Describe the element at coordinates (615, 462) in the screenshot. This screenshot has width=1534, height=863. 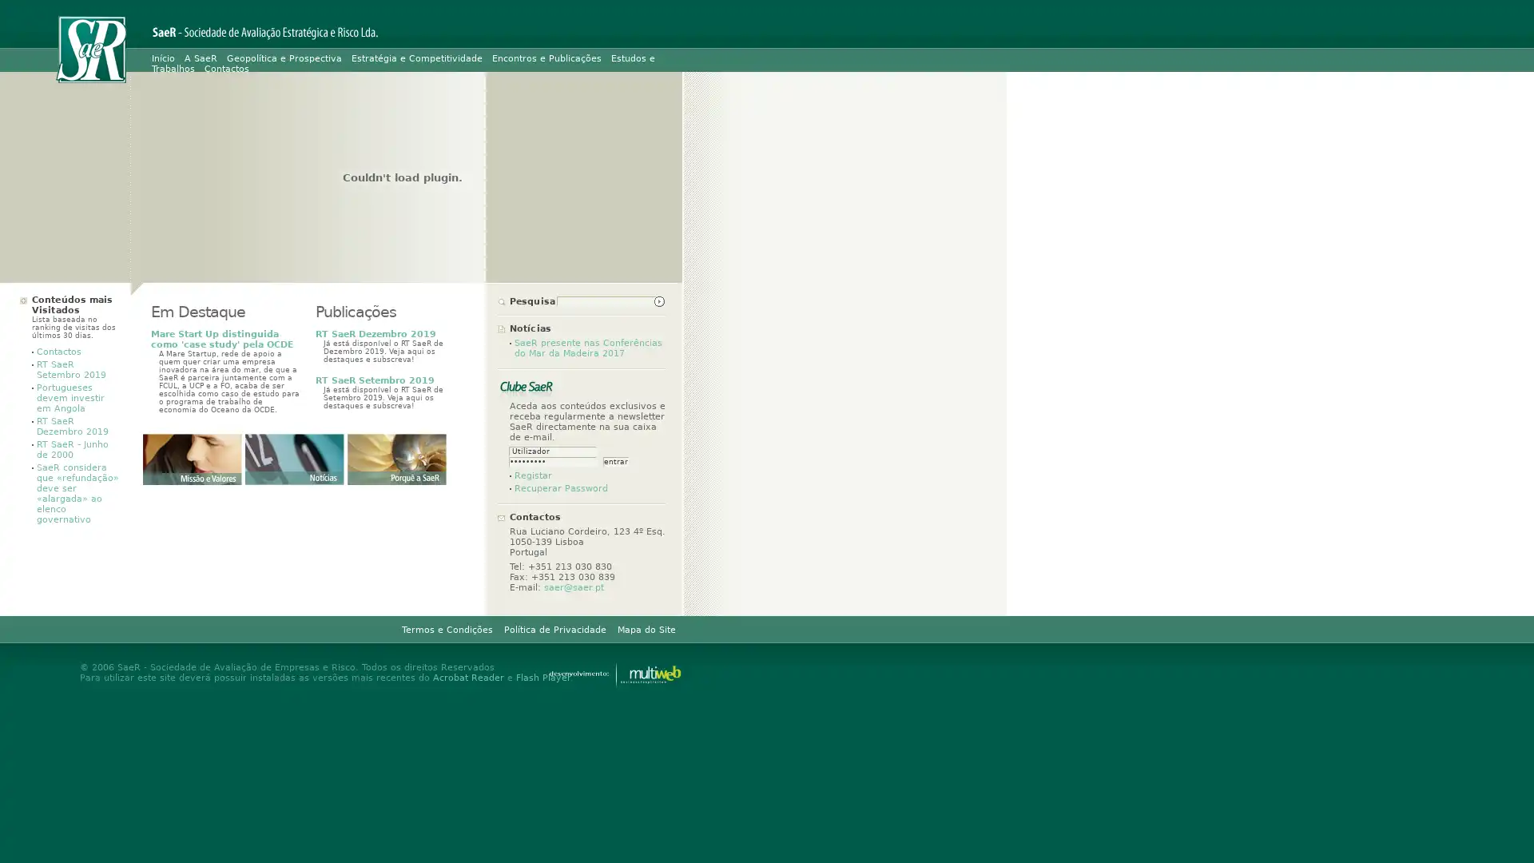
I see `entrar` at that location.